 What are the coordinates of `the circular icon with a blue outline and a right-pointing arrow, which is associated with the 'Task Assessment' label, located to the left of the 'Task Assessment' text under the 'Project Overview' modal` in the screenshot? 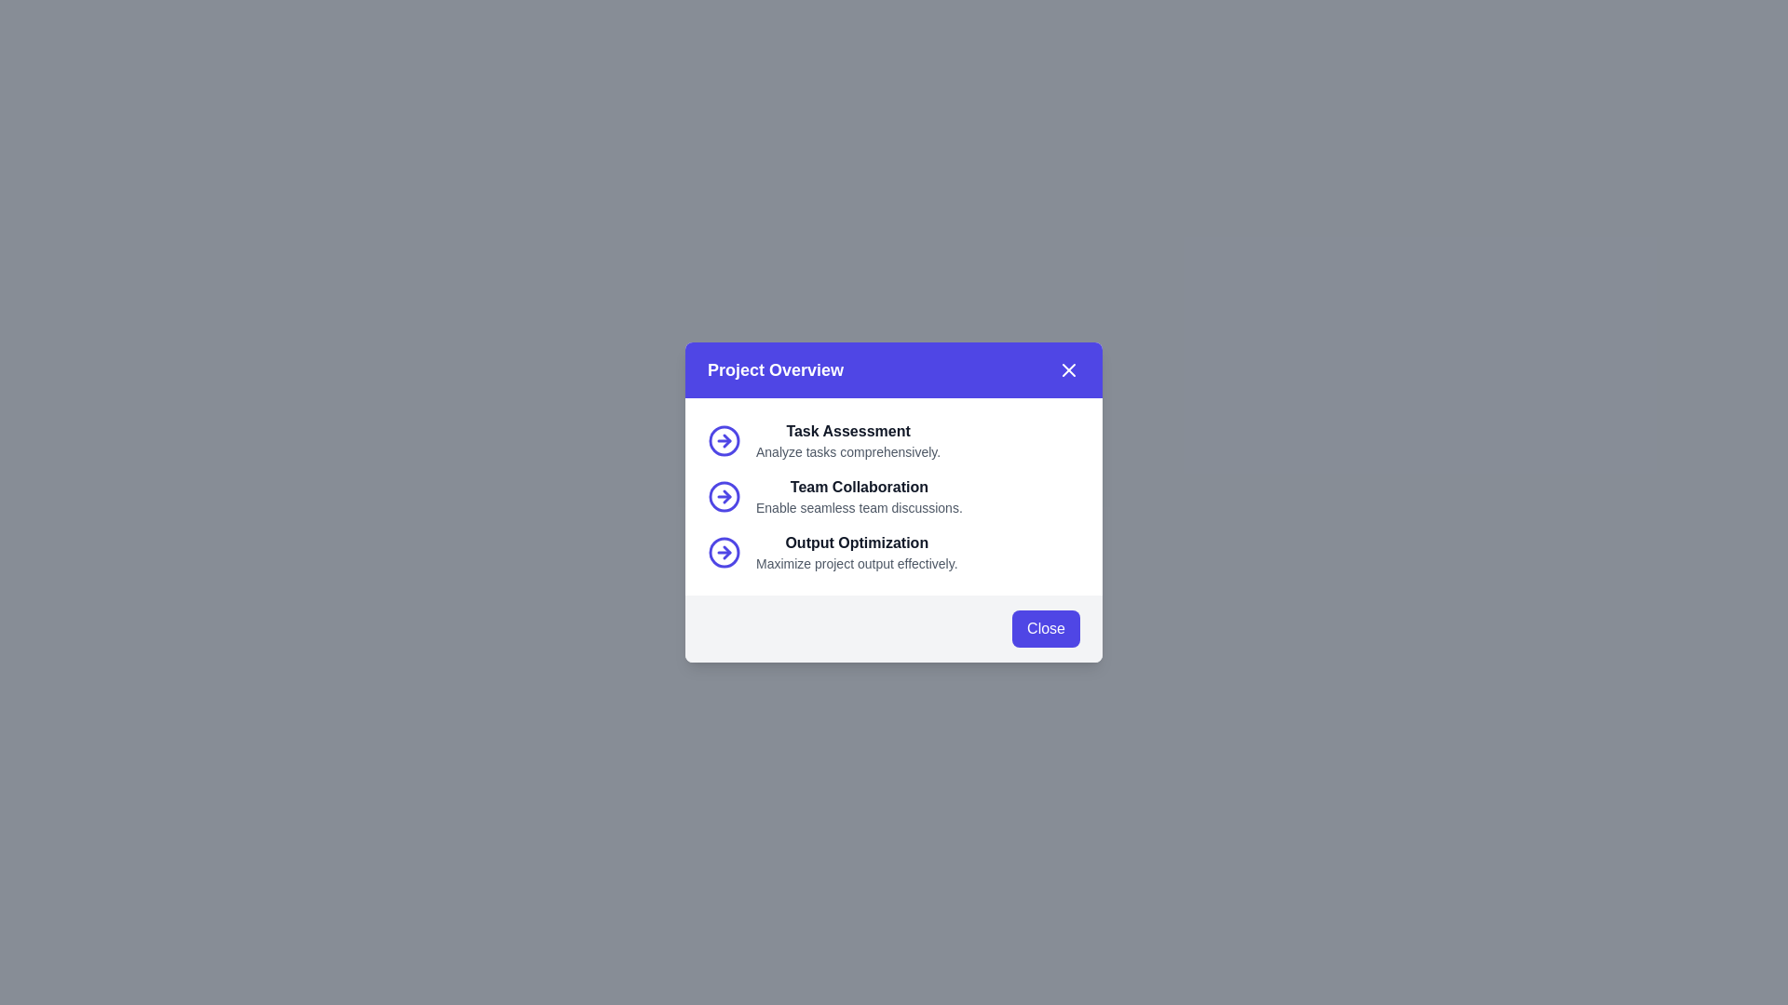 It's located at (723, 441).